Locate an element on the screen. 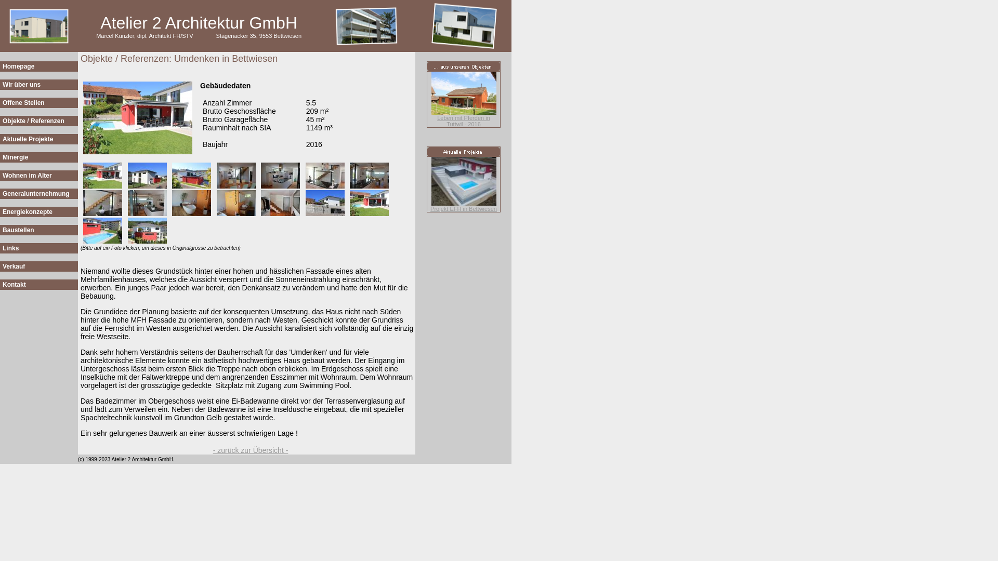 This screenshot has height=561, width=998. 'Verkauf' is located at coordinates (2, 266).